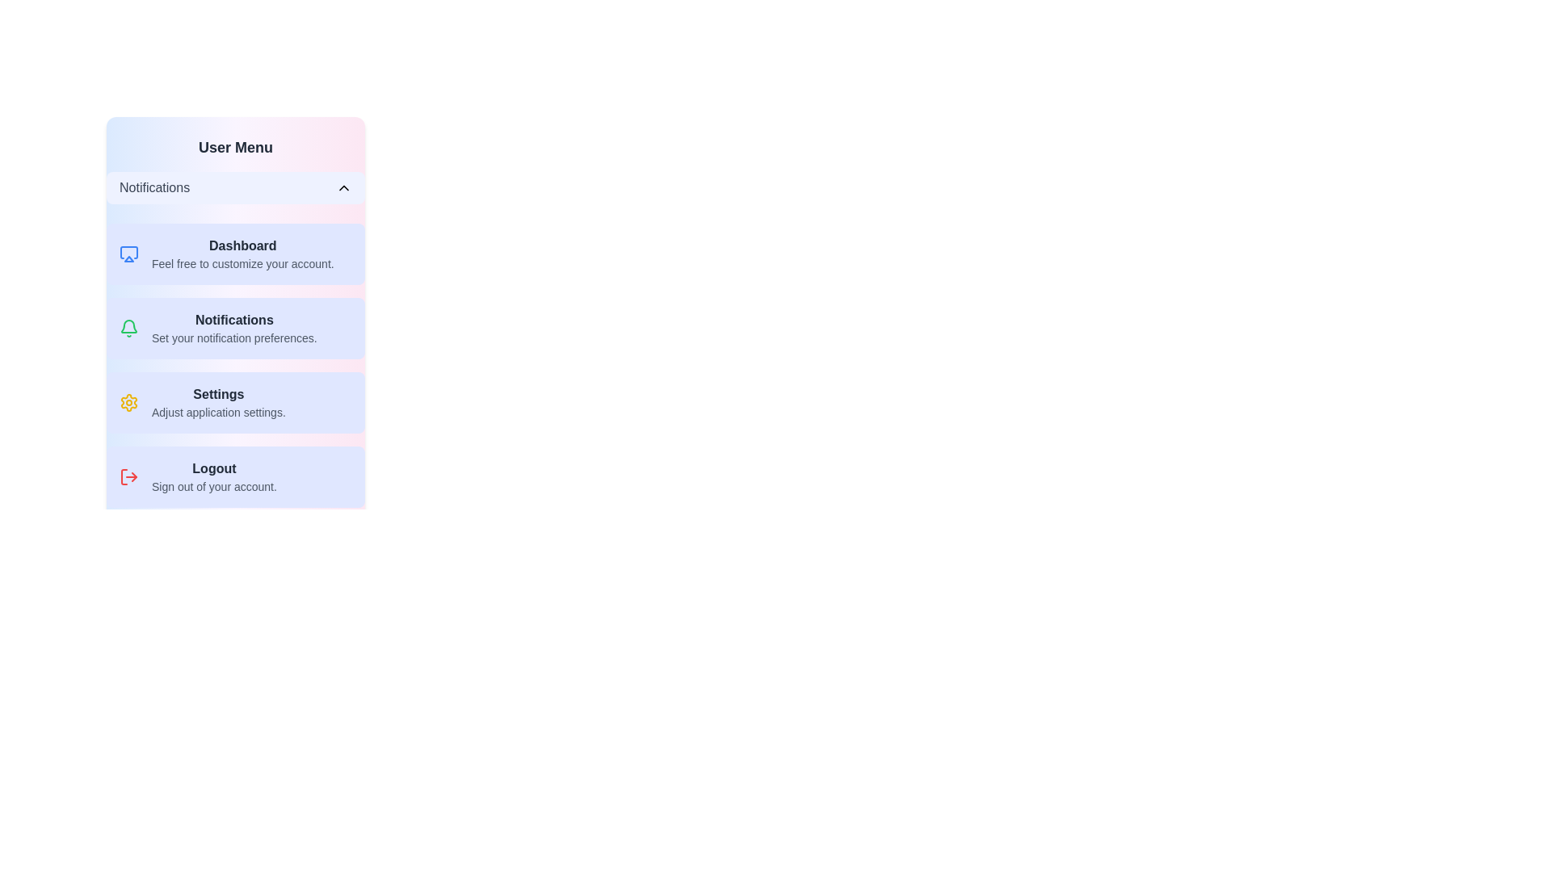 The height and width of the screenshot is (872, 1551). Describe the element at coordinates (128, 476) in the screenshot. I see `the icon associated with the Logout menu item` at that location.